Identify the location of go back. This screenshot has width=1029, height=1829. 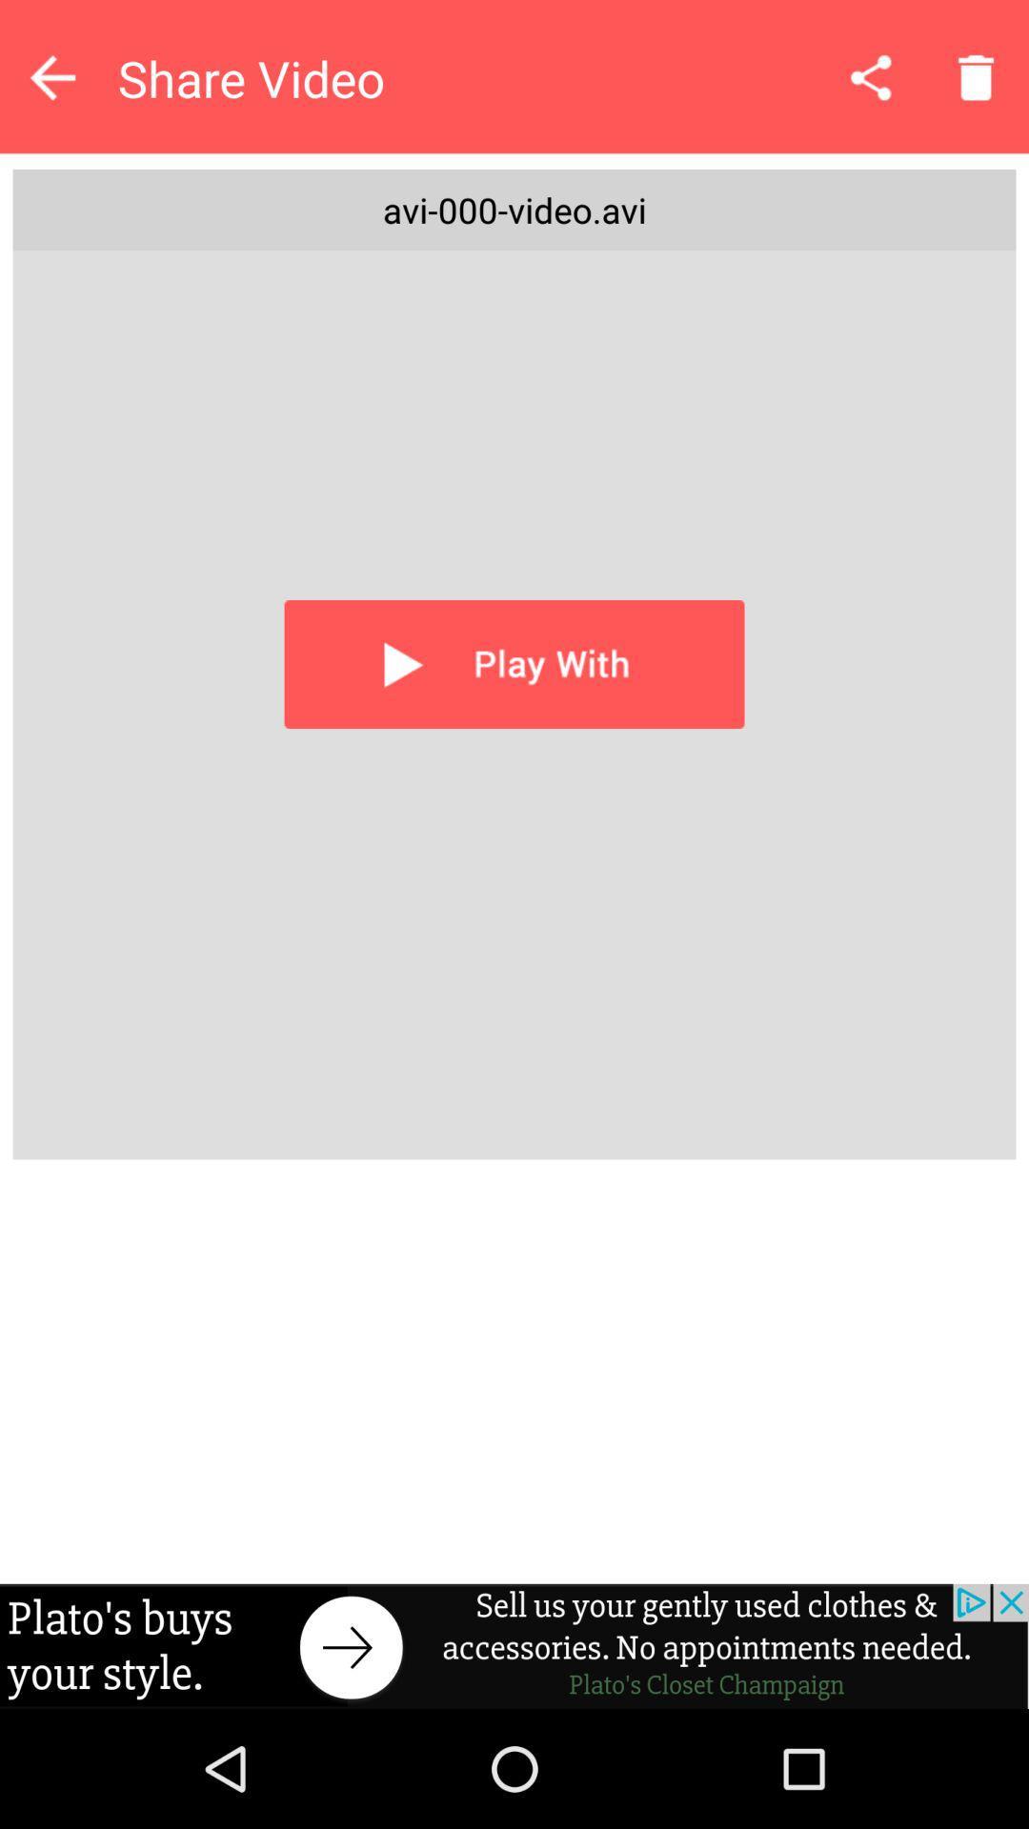
(51, 76).